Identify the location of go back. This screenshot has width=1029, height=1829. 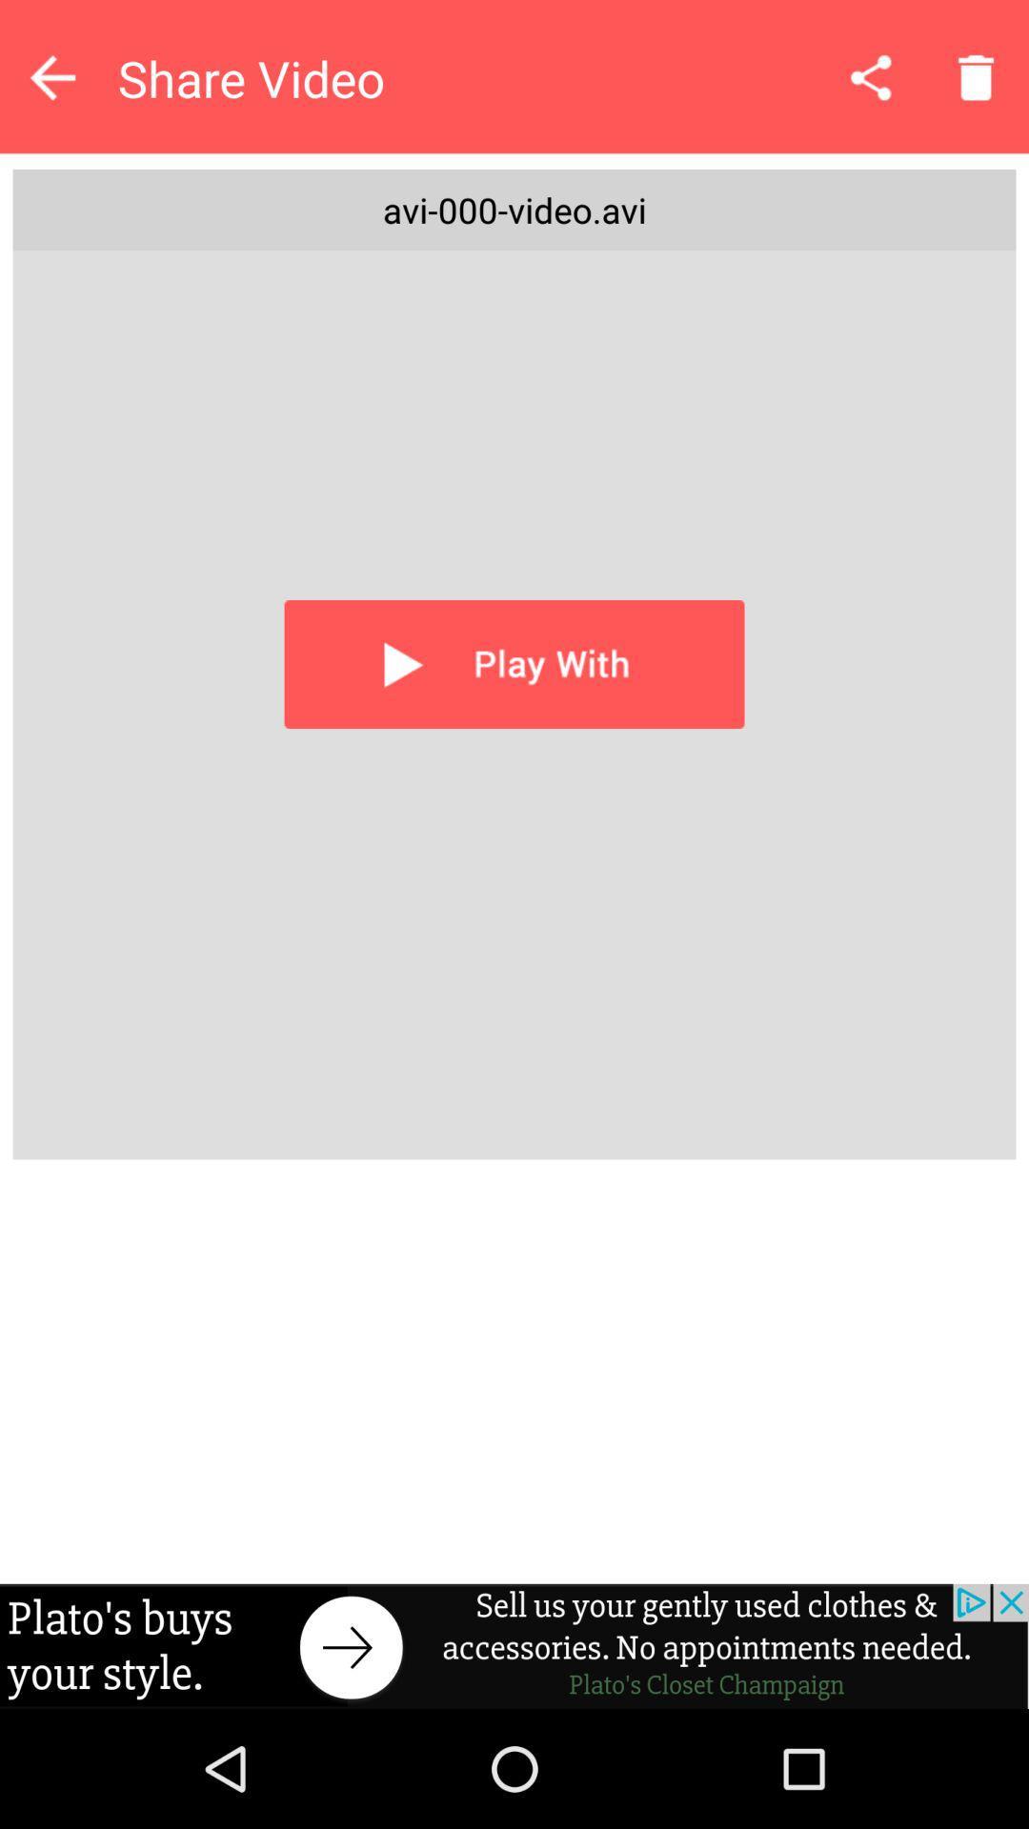
(51, 76).